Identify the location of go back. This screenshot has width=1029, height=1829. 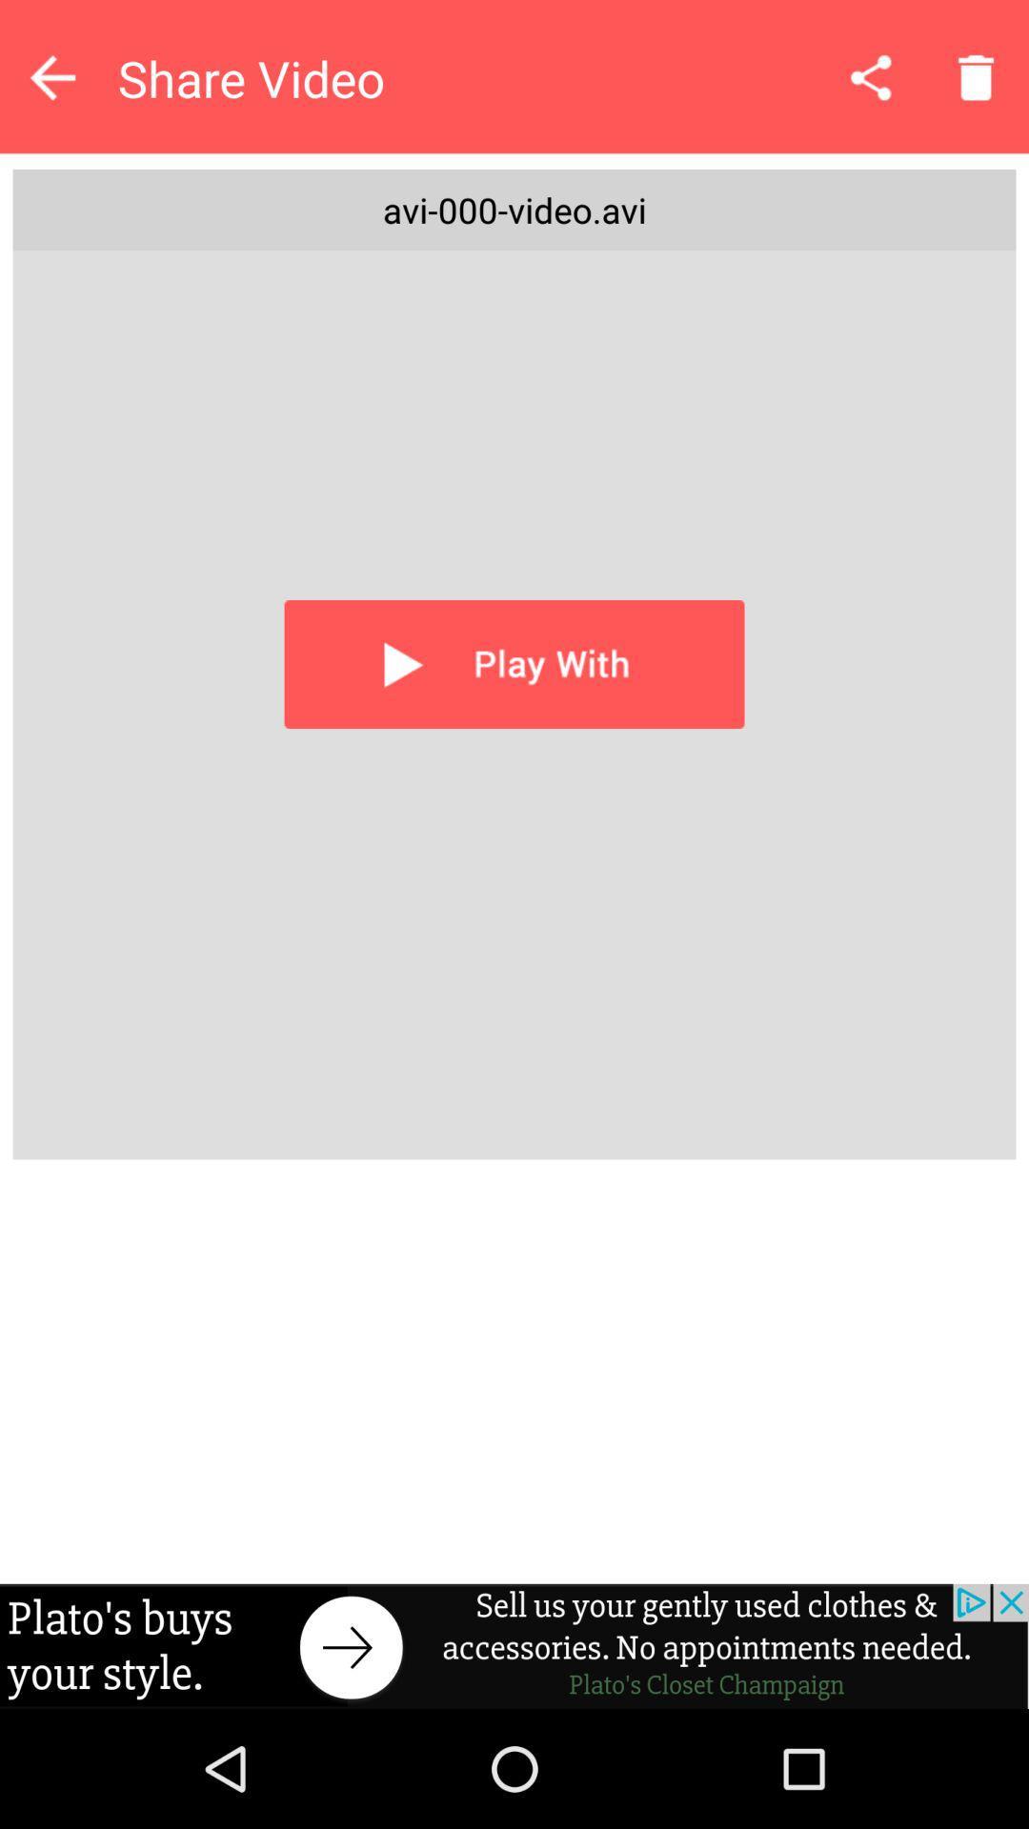
(51, 76).